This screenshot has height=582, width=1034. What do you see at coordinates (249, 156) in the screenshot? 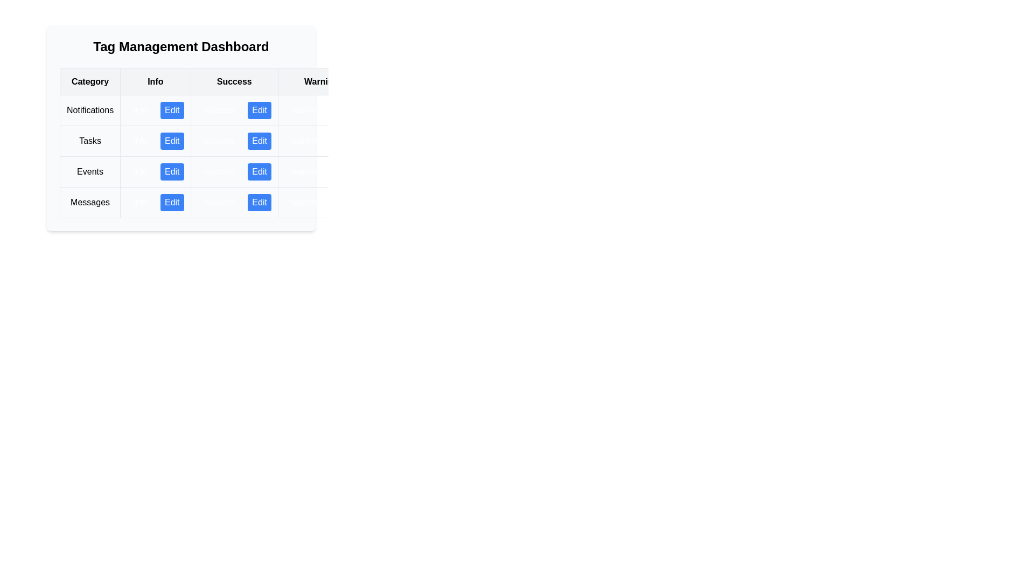
I see `the 'Edit' button located in the 'Events' row under the 'Success' column` at bounding box center [249, 156].